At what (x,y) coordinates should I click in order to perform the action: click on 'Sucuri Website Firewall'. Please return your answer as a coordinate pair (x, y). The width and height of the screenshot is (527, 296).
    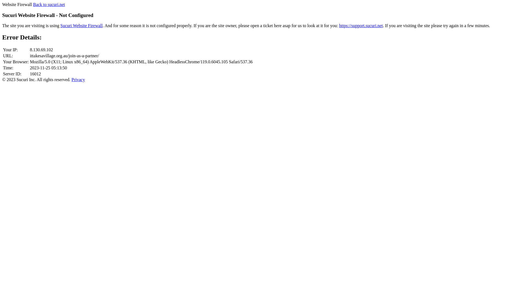
    Looking at the image, I should click on (60, 25).